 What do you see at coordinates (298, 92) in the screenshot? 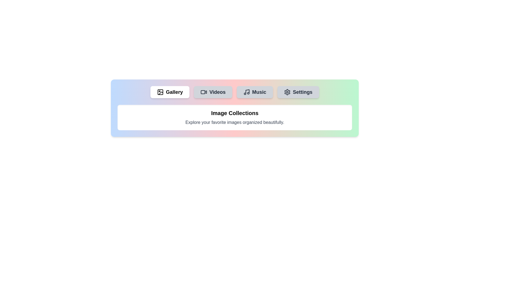
I see `the tab labeled Settings` at bounding box center [298, 92].